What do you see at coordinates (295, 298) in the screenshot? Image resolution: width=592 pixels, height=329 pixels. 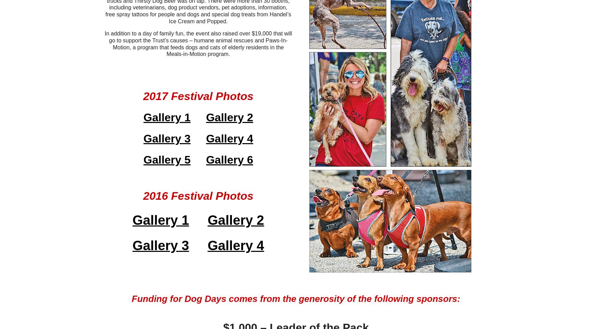 I see `'Funding for Dog Days comes from the generosity of the following sponsors:'` at bounding box center [295, 298].